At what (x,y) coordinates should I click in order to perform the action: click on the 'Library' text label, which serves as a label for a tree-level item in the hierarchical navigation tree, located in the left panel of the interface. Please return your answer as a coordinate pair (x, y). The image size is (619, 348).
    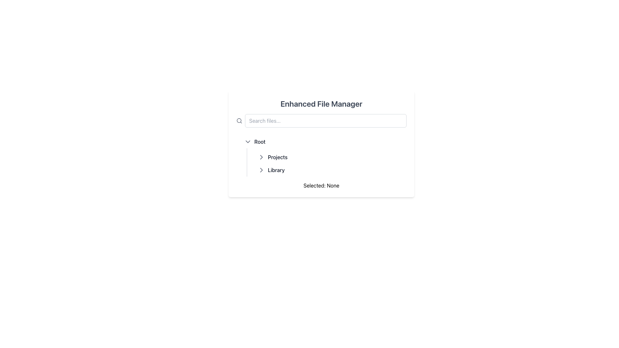
    Looking at the image, I should click on (276, 170).